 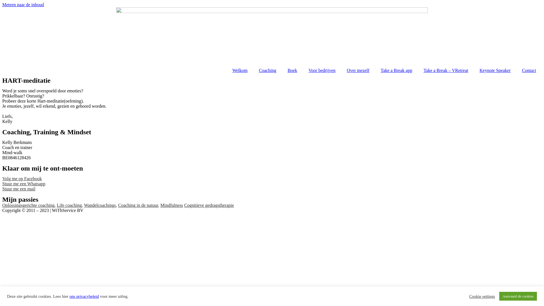 I want to click on 'Cognitieve gedragstherapie', so click(x=184, y=205).